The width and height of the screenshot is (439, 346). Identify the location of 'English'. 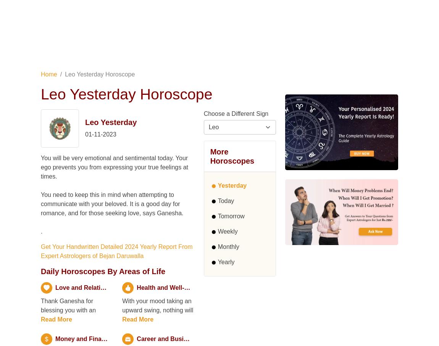
(357, 8).